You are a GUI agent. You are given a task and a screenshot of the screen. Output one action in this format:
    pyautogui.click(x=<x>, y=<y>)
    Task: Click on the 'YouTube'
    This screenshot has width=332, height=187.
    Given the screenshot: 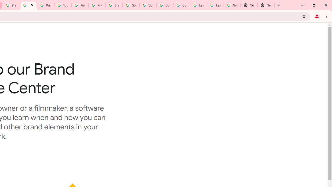 What is the action you would take?
    pyautogui.click(x=62, y=5)
    